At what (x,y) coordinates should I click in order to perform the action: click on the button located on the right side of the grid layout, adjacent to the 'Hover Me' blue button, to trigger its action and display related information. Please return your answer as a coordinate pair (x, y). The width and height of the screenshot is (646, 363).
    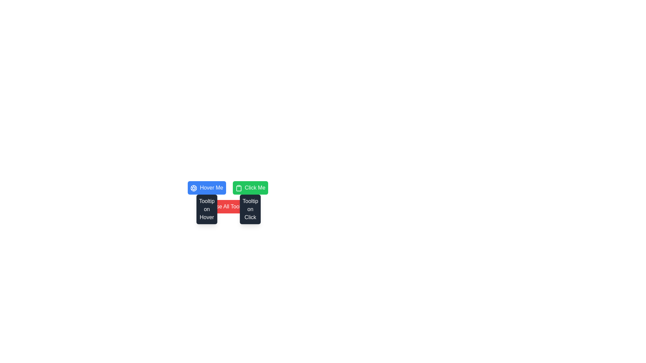
    Looking at the image, I should click on (250, 188).